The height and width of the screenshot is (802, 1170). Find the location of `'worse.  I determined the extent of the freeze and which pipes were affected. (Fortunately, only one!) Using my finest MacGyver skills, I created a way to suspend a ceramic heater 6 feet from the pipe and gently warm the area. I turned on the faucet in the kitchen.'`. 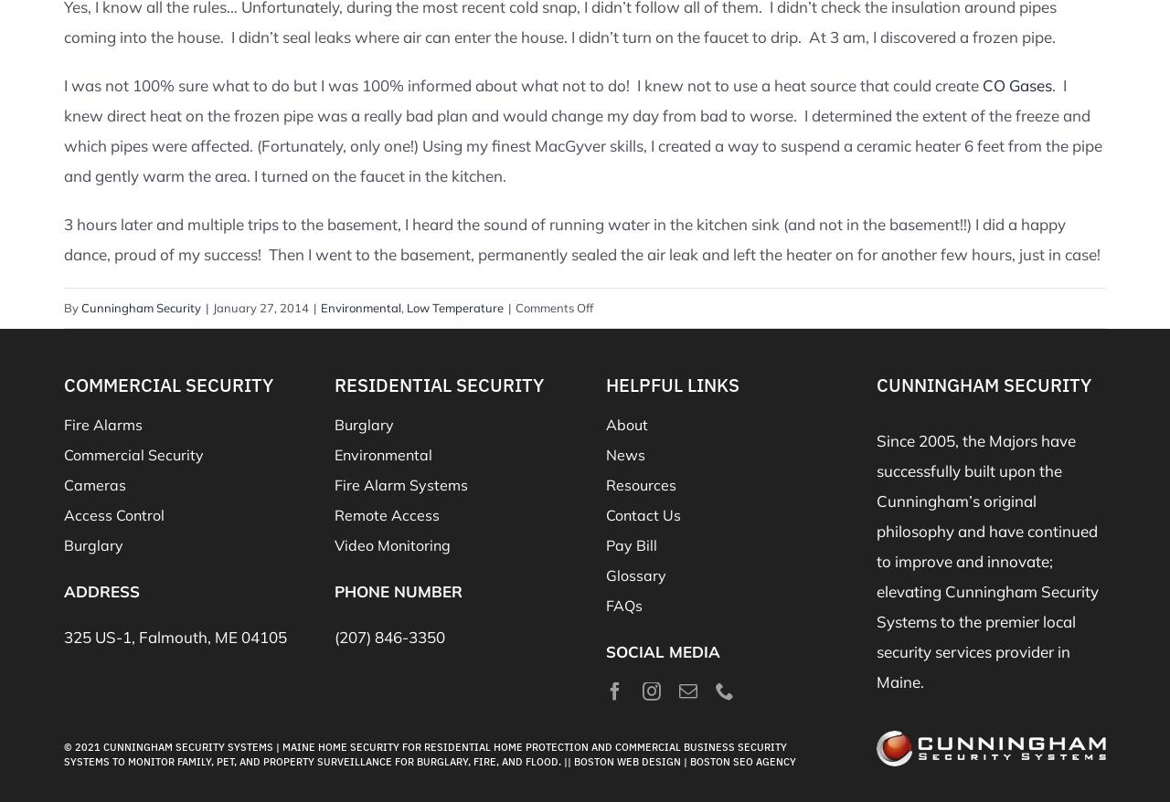

'worse.  I determined the extent of the freeze and which pipes were affected. (Fortunately, only one!) Using my finest MacGyver skills, I created a way to suspend a ceramic heater 6 feet from the pipe and gently warm the area. I turned on the faucet in the kitchen.' is located at coordinates (581, 144).